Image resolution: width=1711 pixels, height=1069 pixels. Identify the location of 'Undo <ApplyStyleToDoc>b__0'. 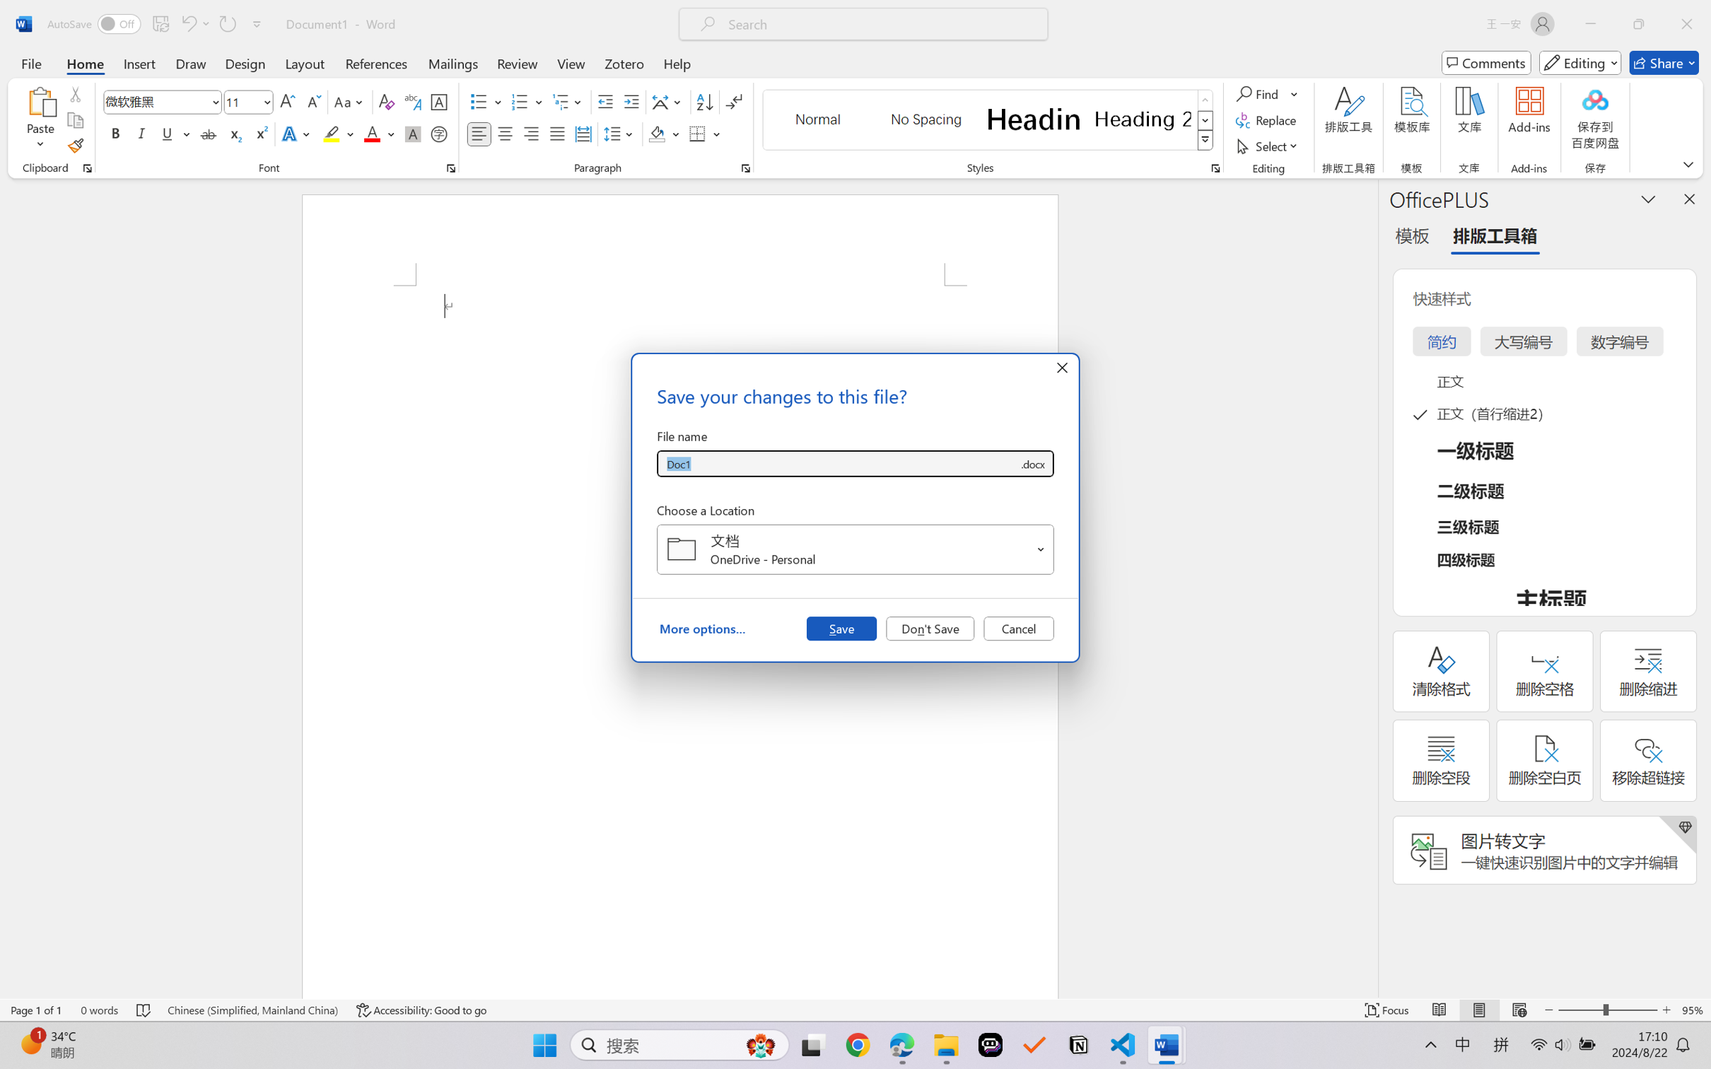
(194, 23).